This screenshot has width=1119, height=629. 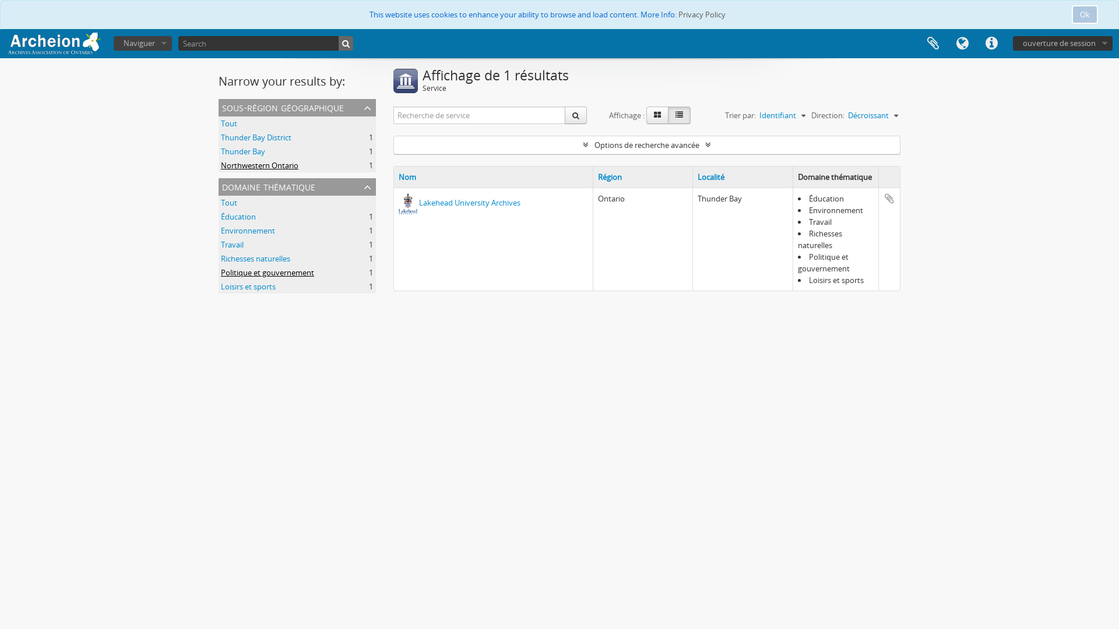 I want to click on 'Environnement', so click(x=247, y=231).